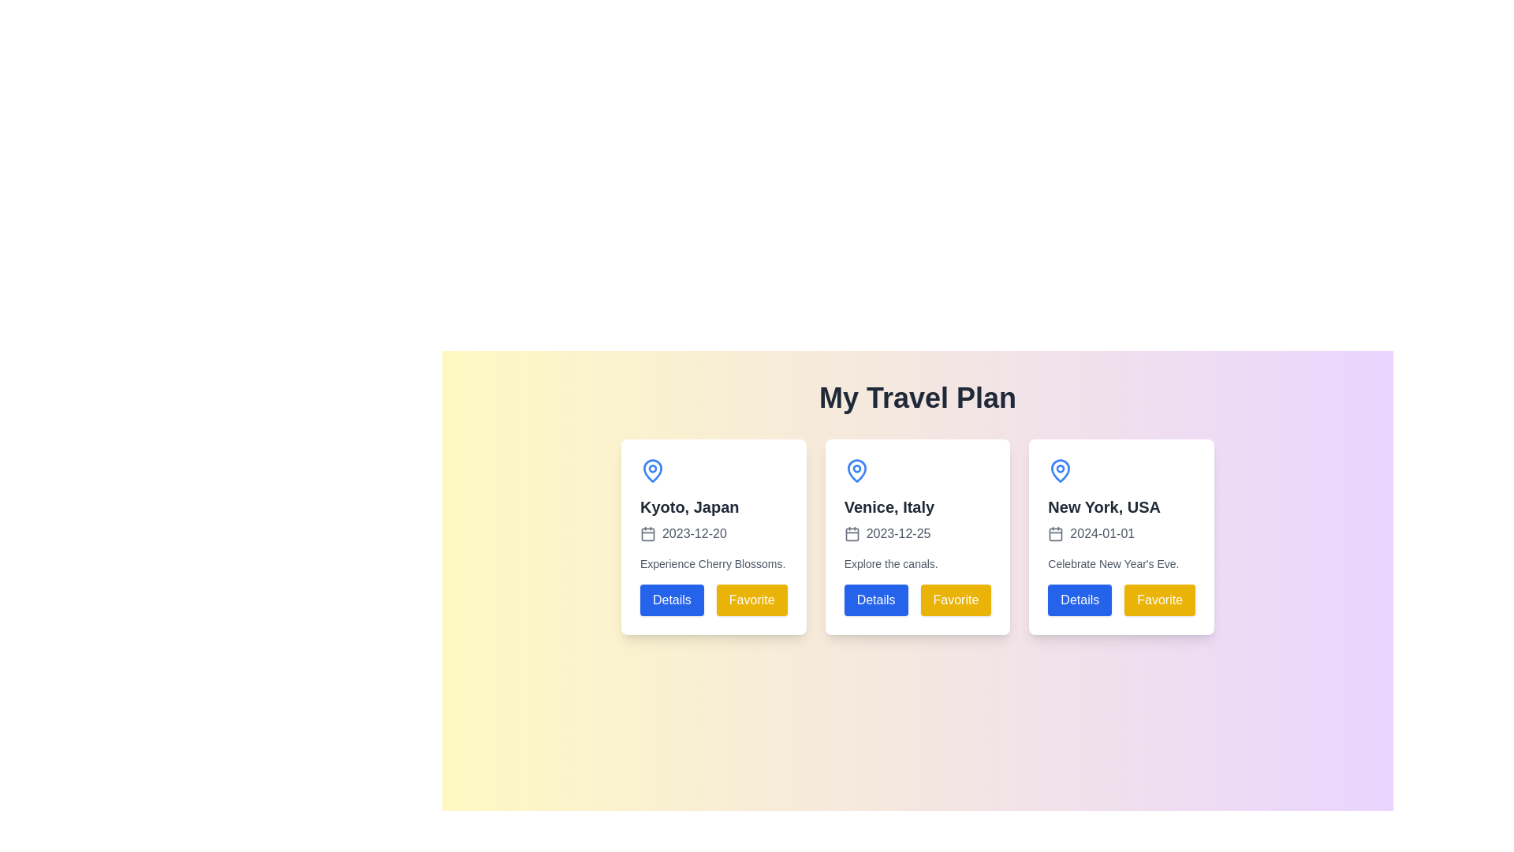 This screenshot has height=852, width=1514. I want to click on the Icon or Decorative Image associated with the date '2024-01-01' in the third card titled 'New York, USA', so click(1056, 533).